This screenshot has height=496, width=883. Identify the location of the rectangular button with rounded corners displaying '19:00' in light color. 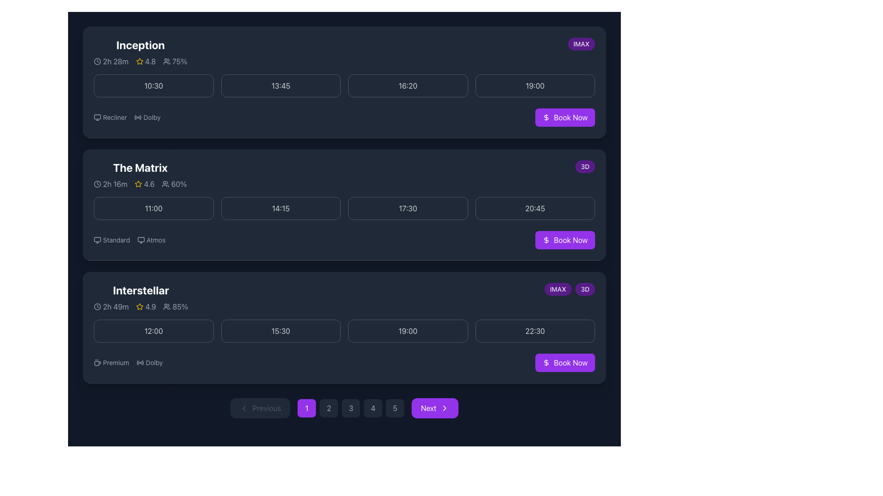
(535, 85).